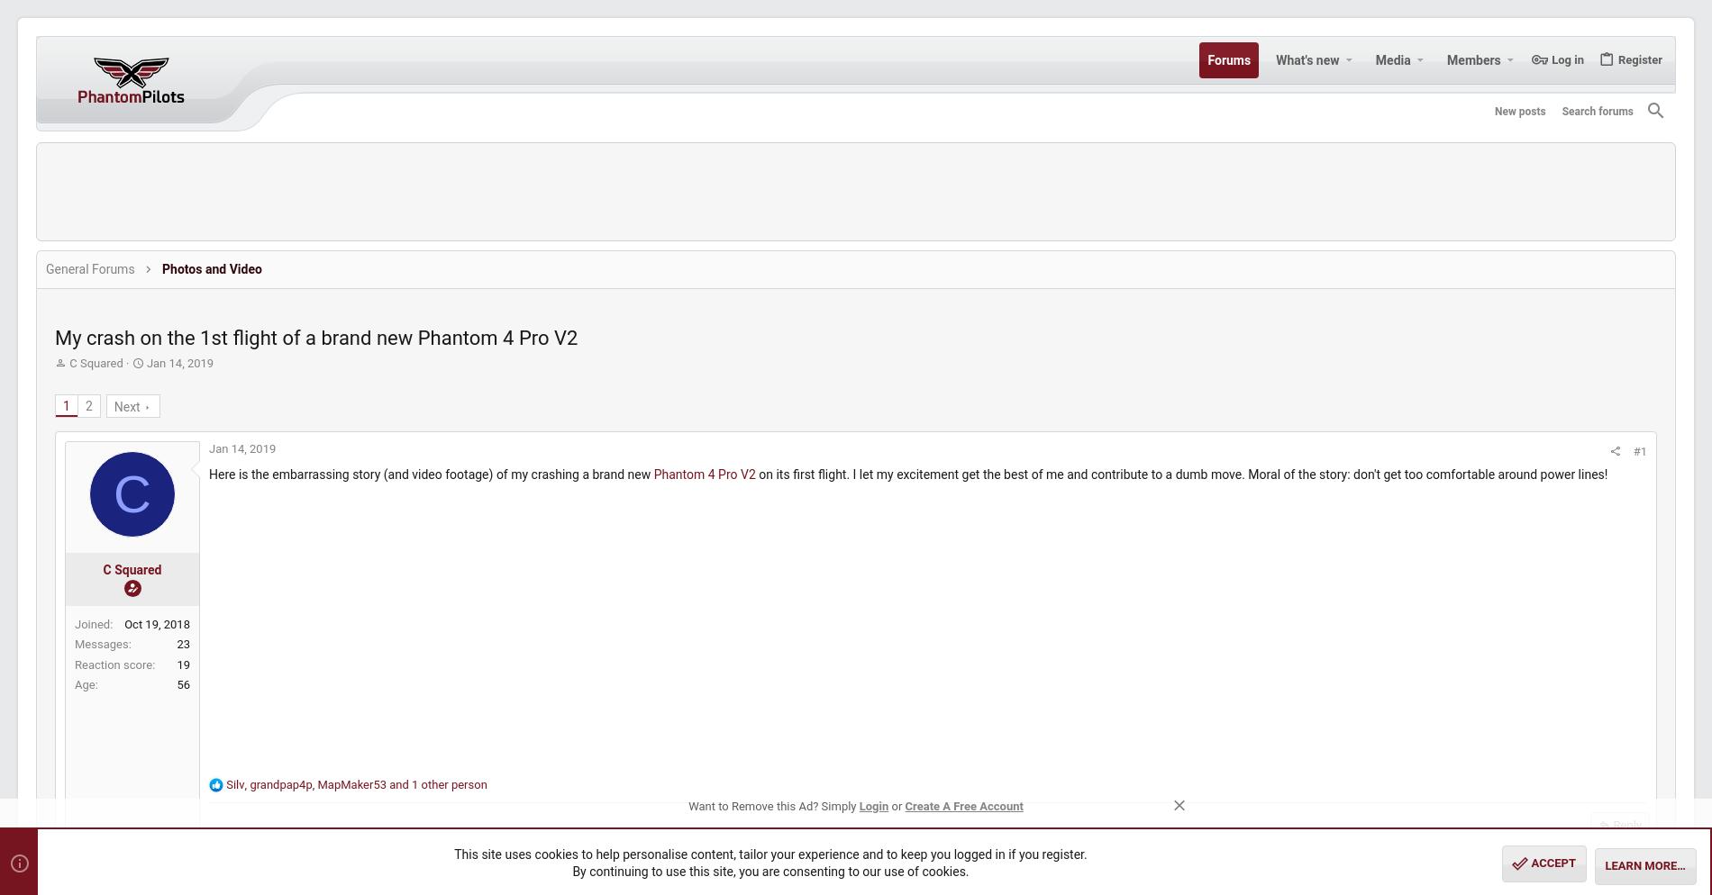  Describe the element at coordinates (1523, 58) in the screenshot. I see `'Log in'` at that location.